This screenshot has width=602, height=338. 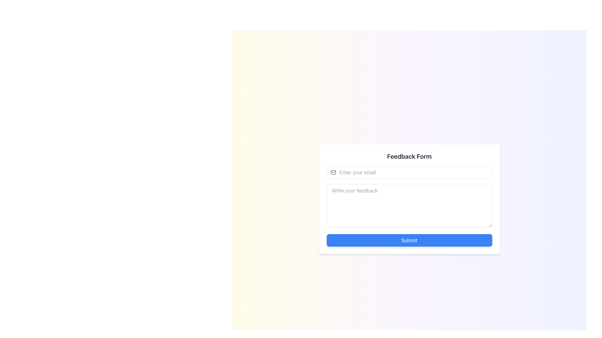 What do you see at coordinates (333, 172) in the screenshot?
I see `the email icon, which visually indicates the purpose of the adjacent input field for entering email addresses, positioned slightly above and to the left of the email input box` at bounding box center [333, 172].